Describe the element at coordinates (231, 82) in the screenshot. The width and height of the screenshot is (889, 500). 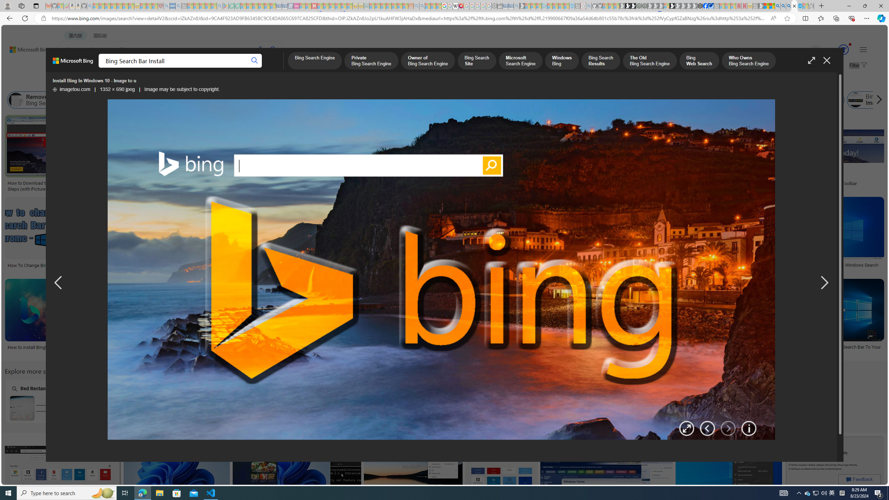
I see `'License'` at that location.